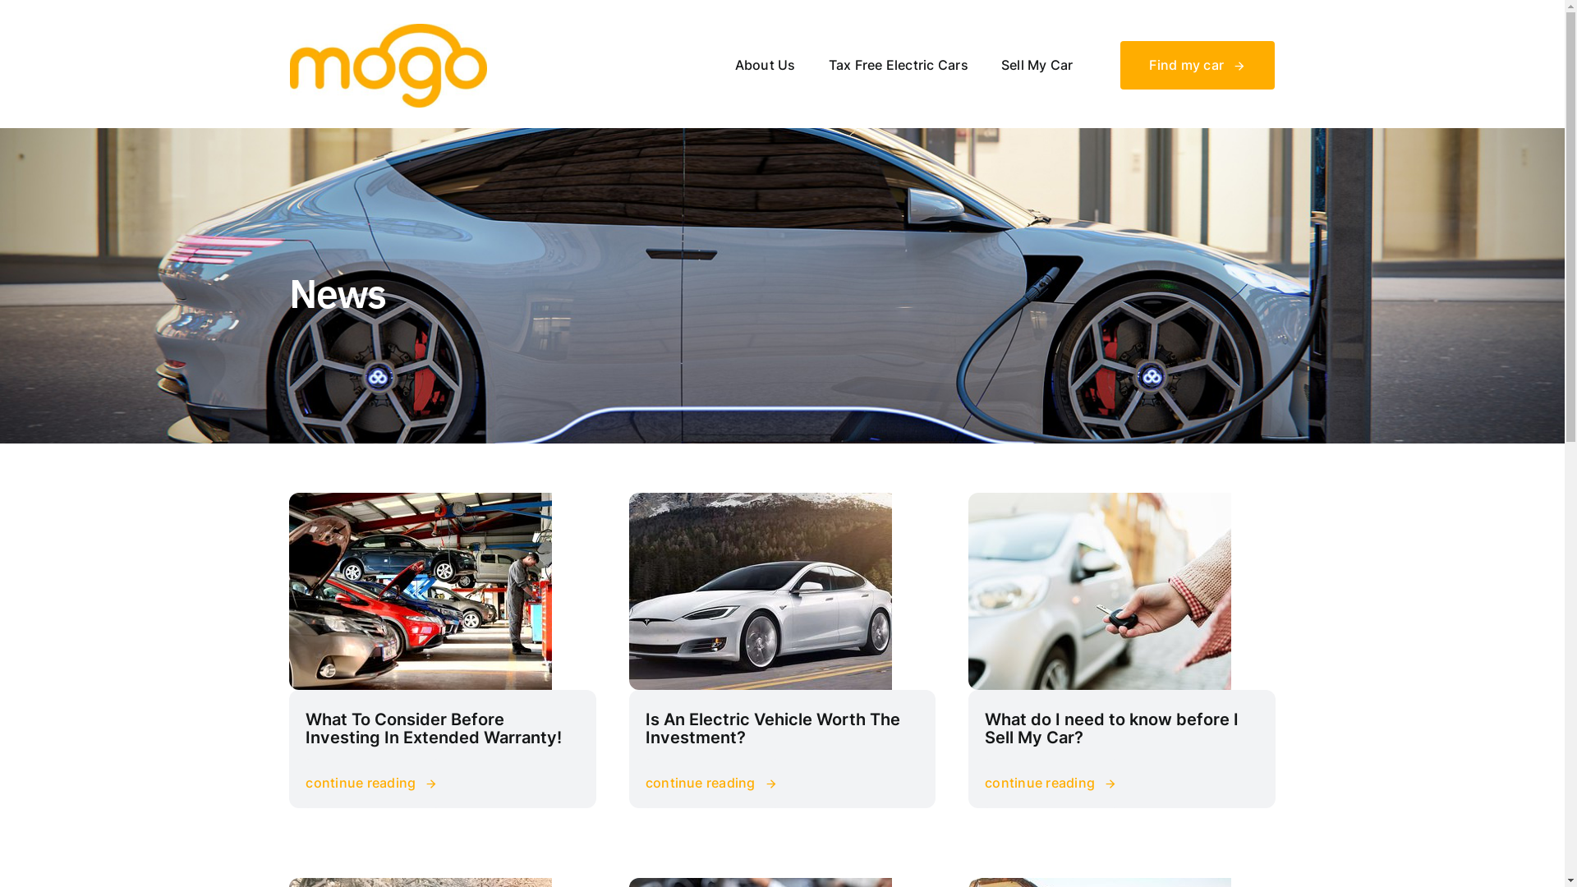 Image resolution: width=1577 pixels, height=887 pixels. Describe the element at coordinates (1198, 64) in the screenshot. I see `'Find my car'` at that location.